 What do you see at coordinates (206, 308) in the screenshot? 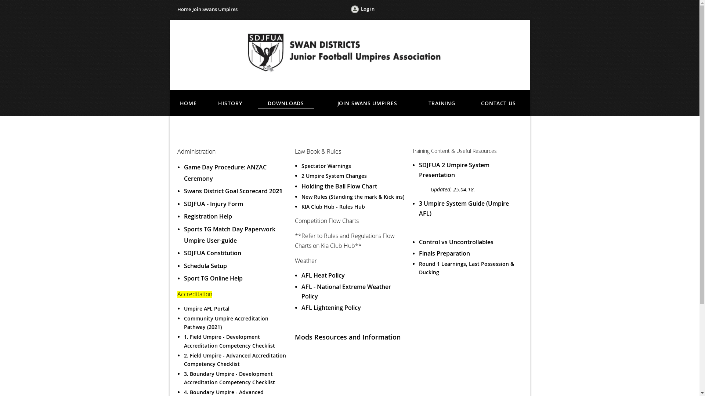
I see `'Umpire AFL Portal'` at bounding box center [206, 308].